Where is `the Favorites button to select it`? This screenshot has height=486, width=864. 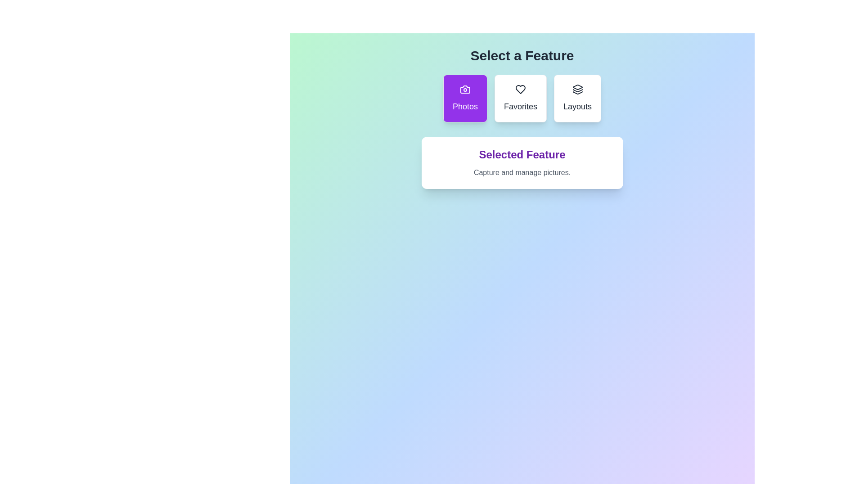
the Favorites button to select it is located at coordinates (520, 99).